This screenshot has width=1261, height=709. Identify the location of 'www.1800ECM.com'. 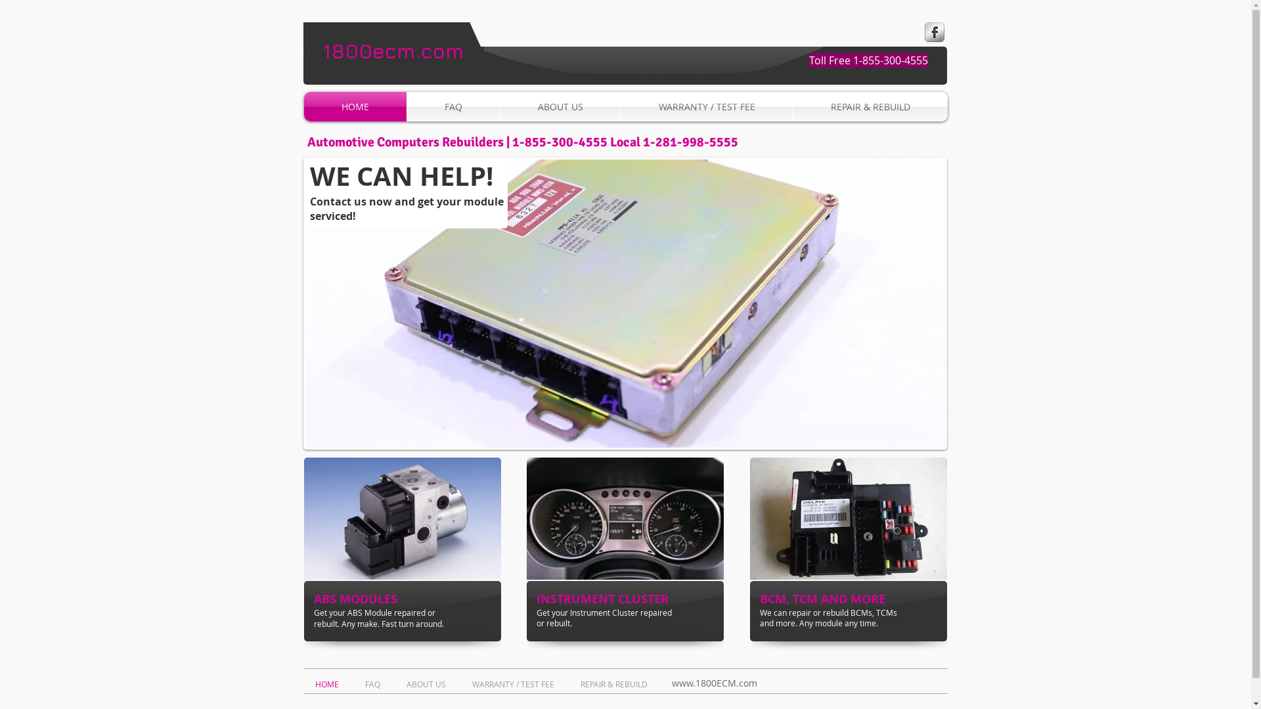
(713, 682).